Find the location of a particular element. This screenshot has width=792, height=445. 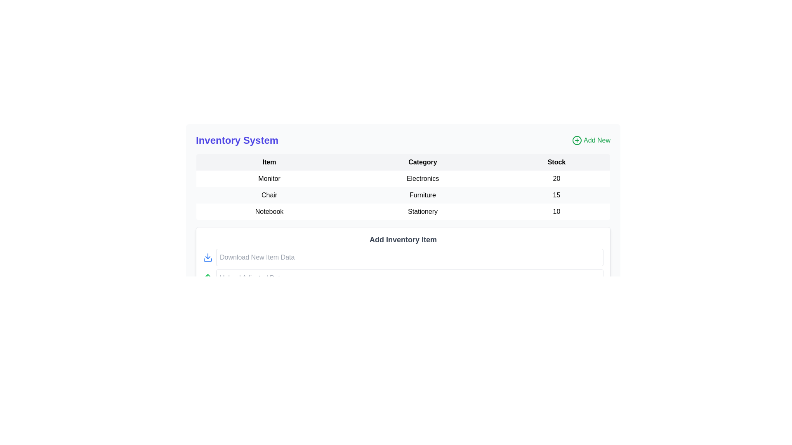

the 'Chair' text label in the inventory system's table, located in the second row under the 'Item' column is located at coordinates (269, 195).